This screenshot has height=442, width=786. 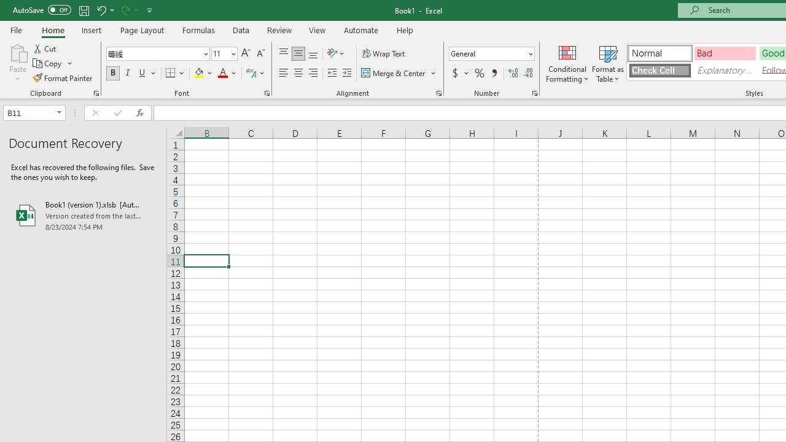 I want to click on 'Increase Decimal', so click(x=513, y=73).